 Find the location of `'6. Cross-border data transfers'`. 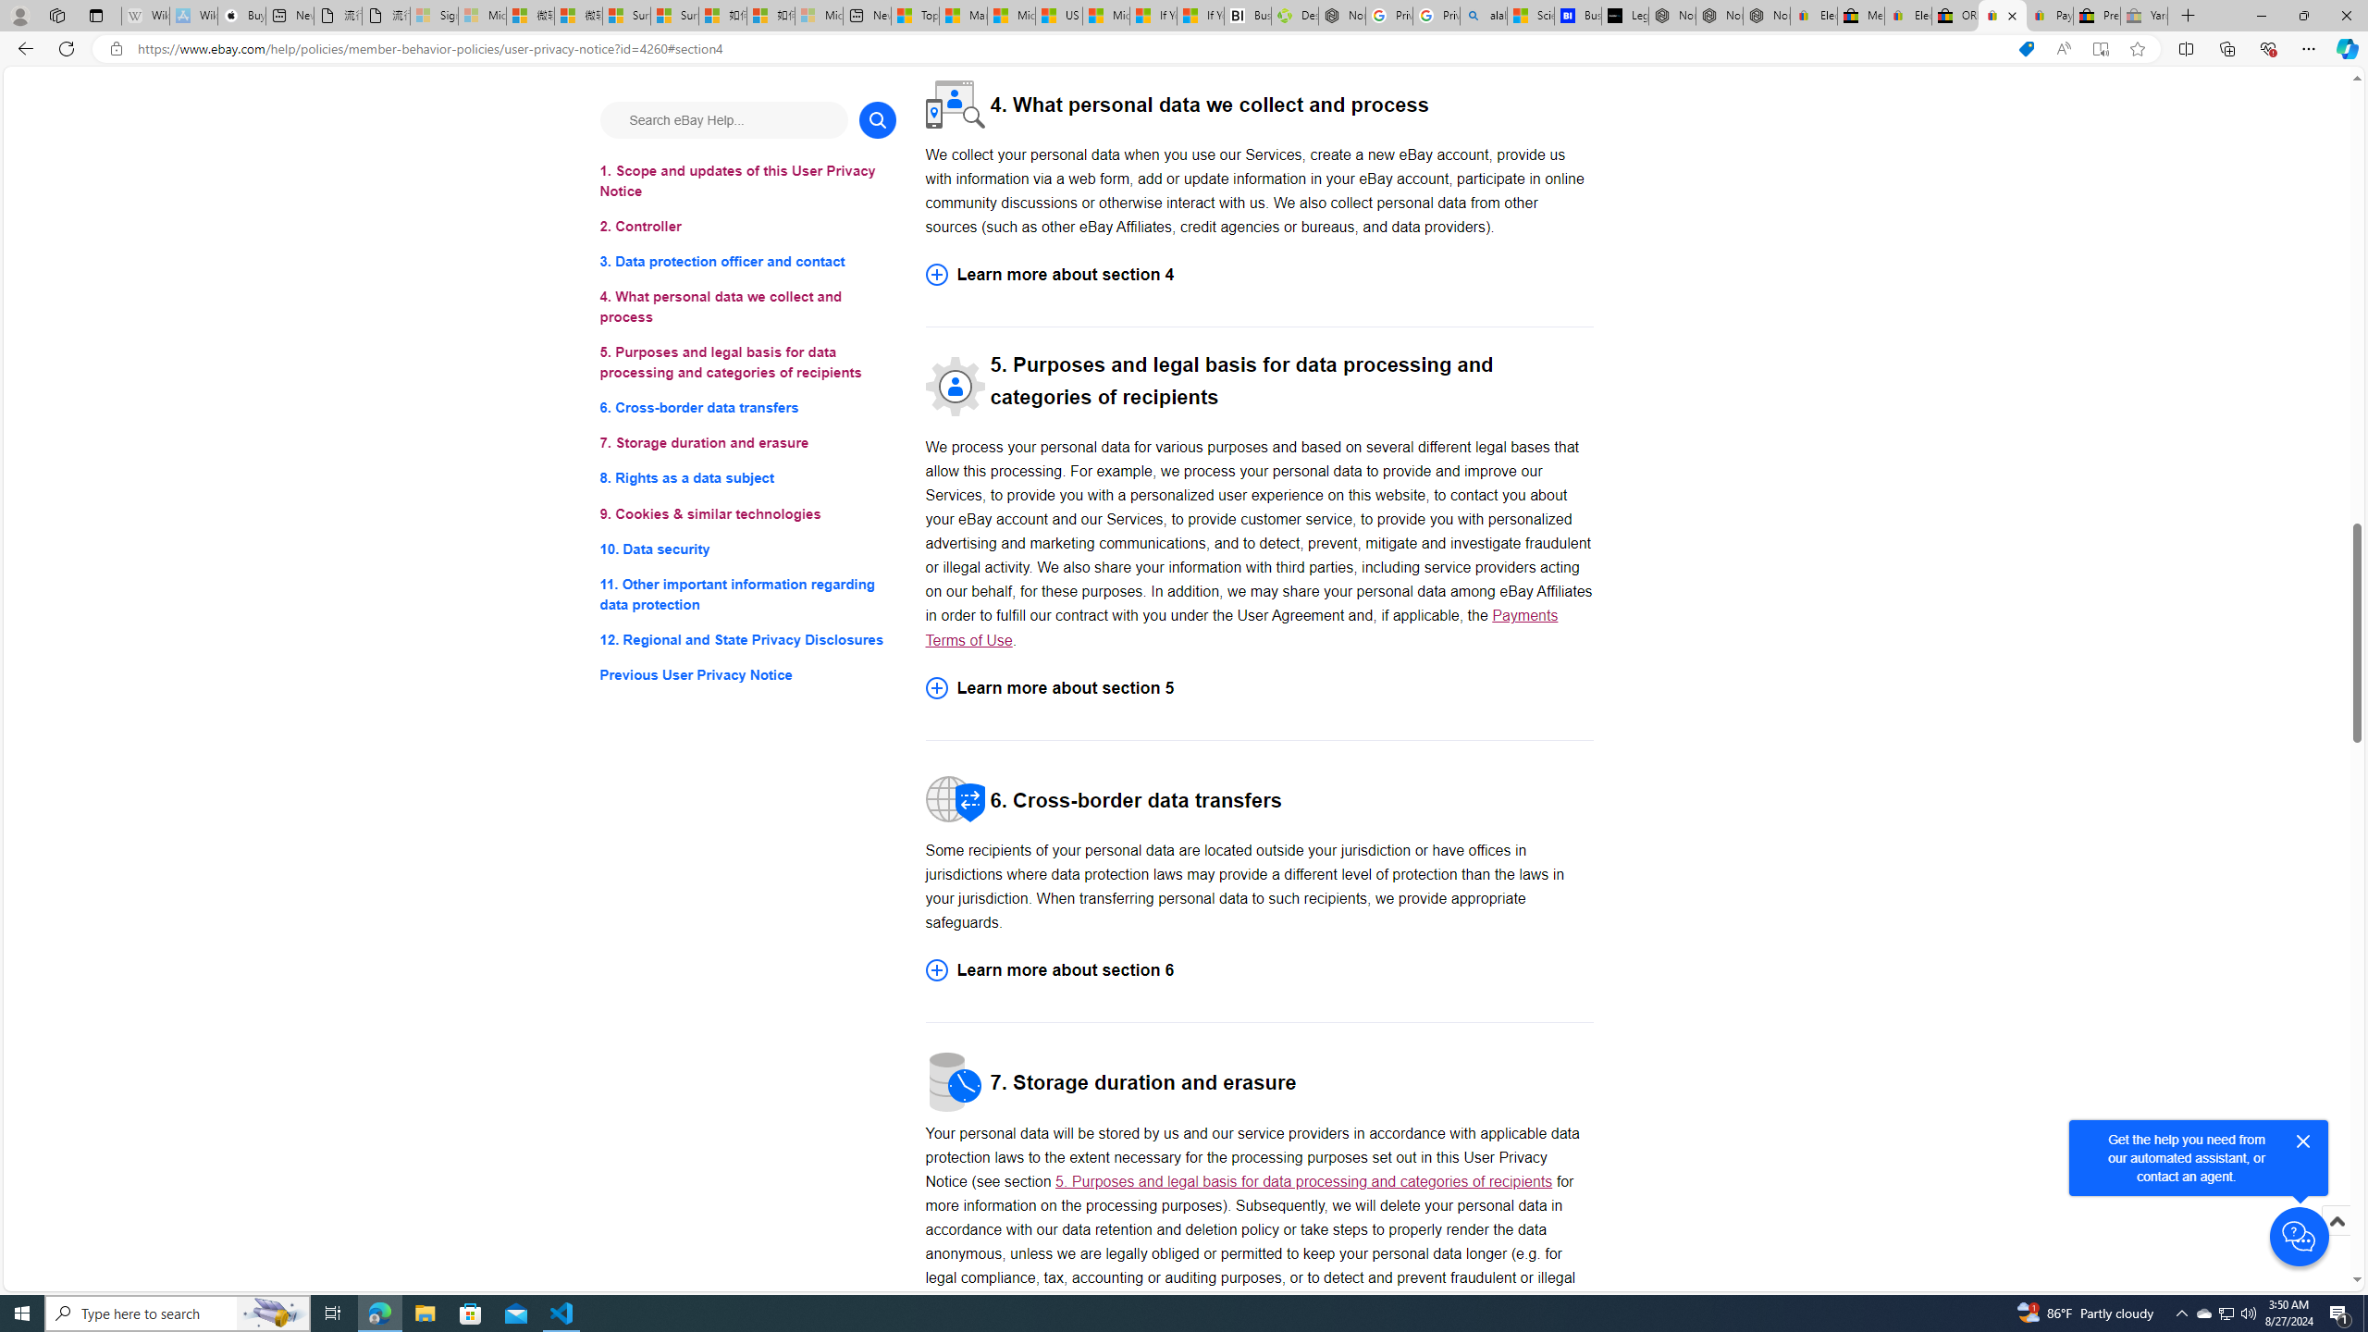

'6. Cross-border data transfers' is located at coordinates (746, 408).